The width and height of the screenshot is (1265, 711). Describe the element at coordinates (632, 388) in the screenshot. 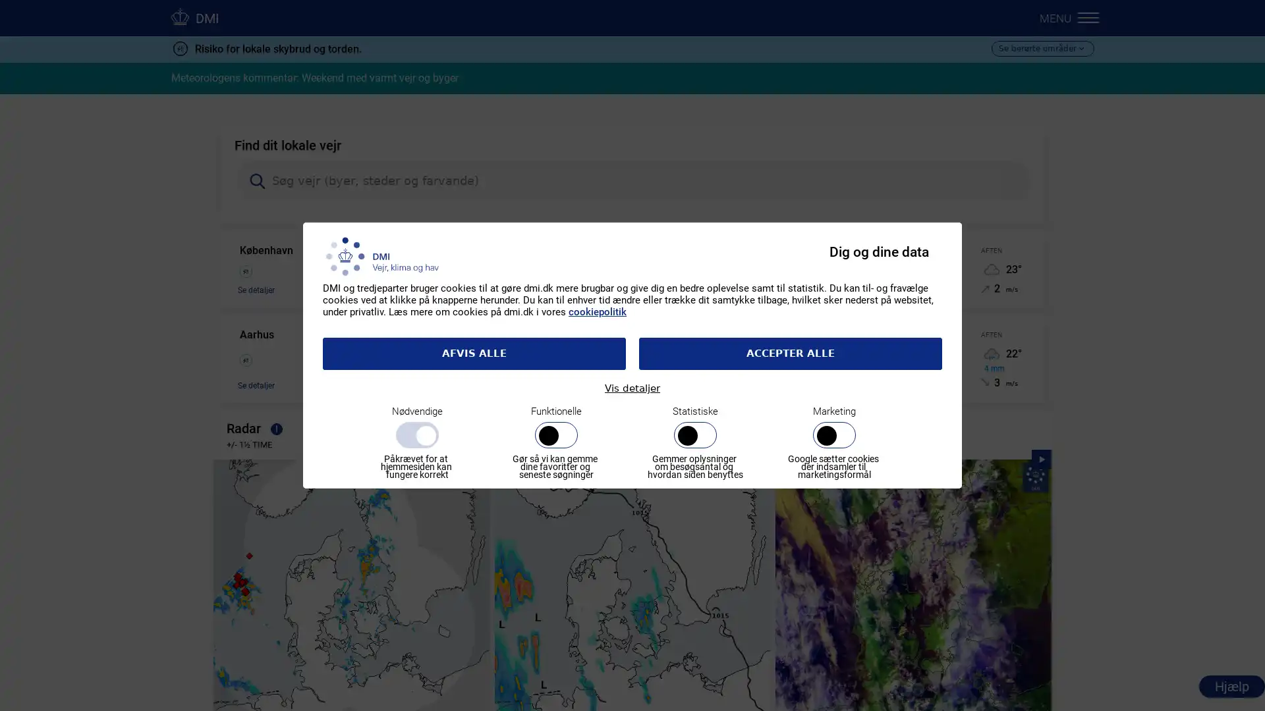

I see `Vis detaljer` at that location.